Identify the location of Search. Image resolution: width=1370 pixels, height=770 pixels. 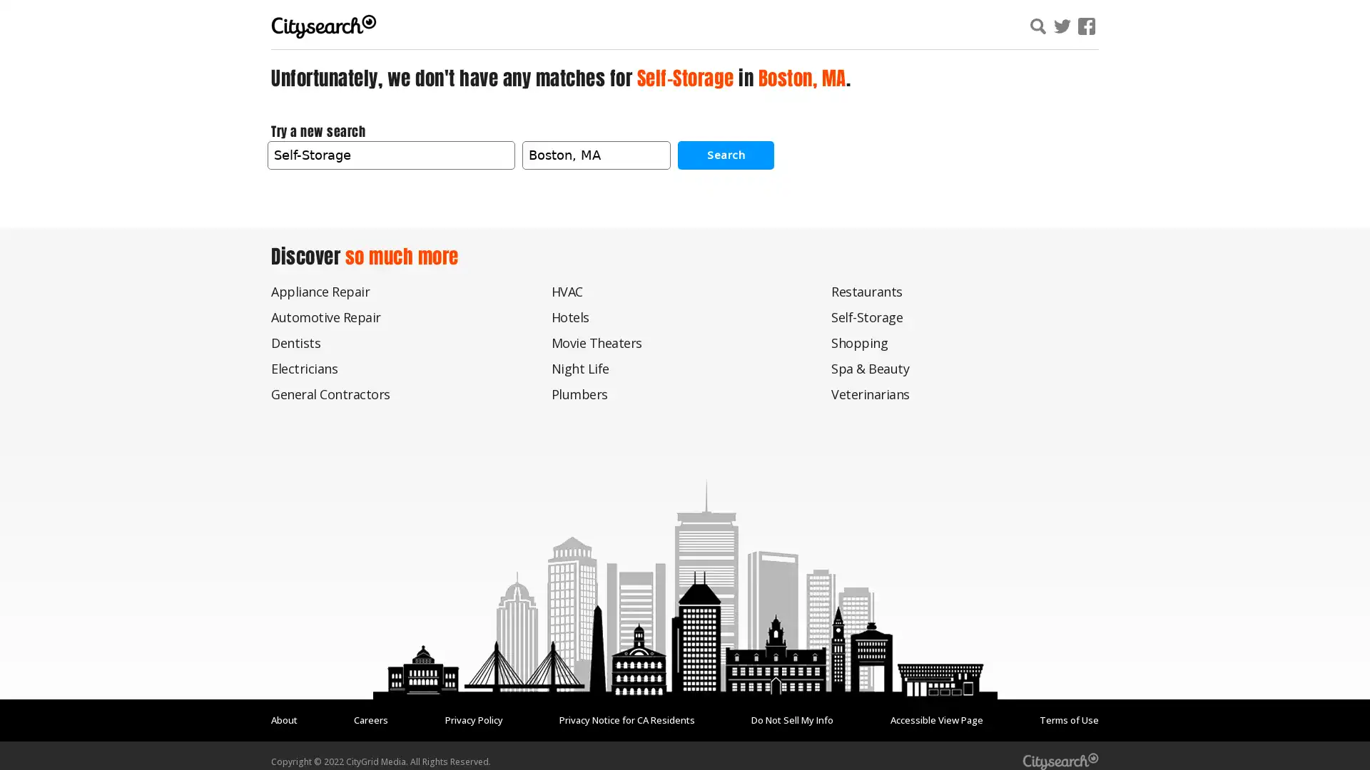
(726, 154).